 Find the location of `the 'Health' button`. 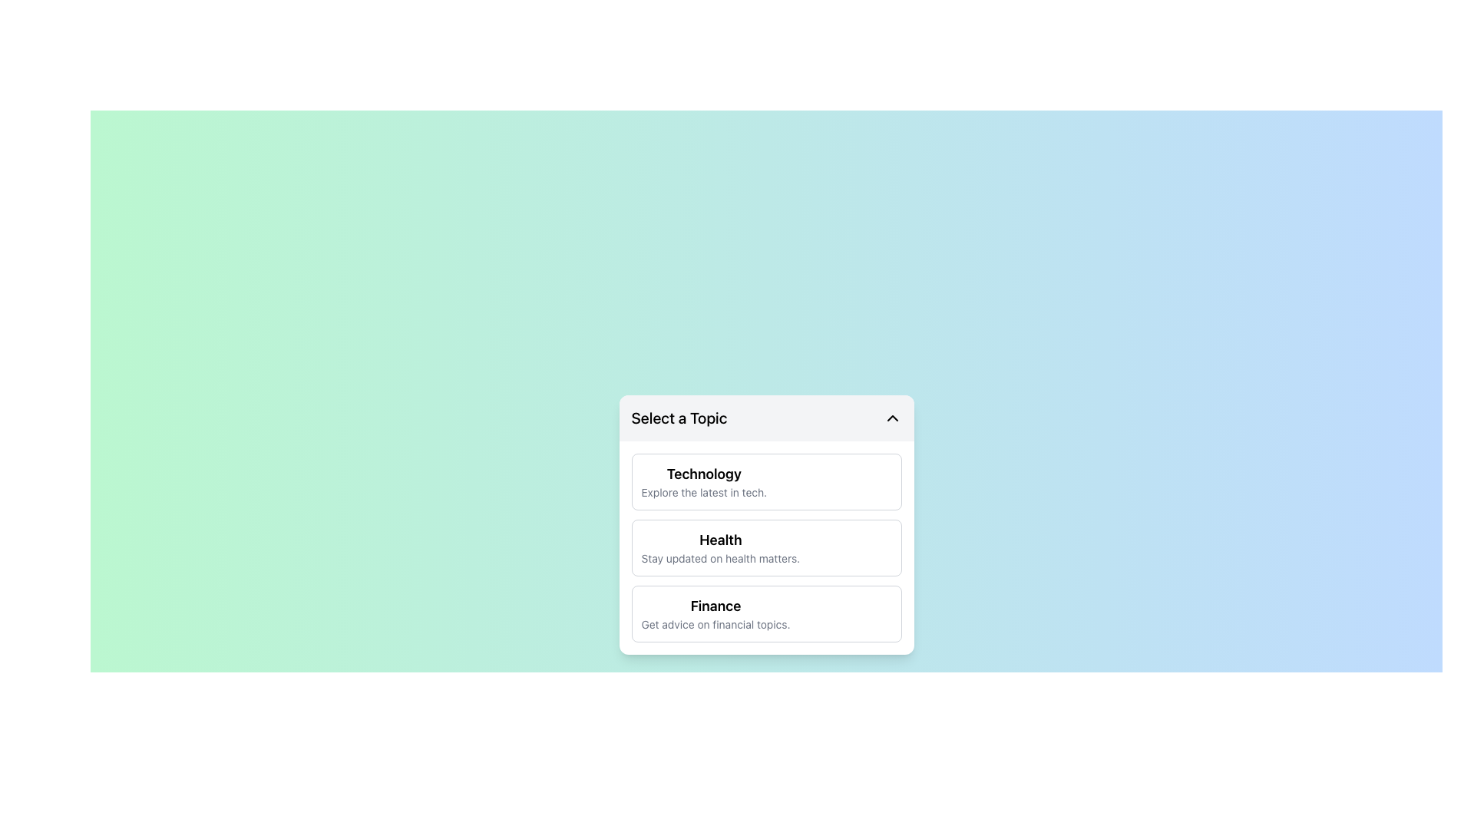

the 'Health' button is located at coordinates (766, 547).